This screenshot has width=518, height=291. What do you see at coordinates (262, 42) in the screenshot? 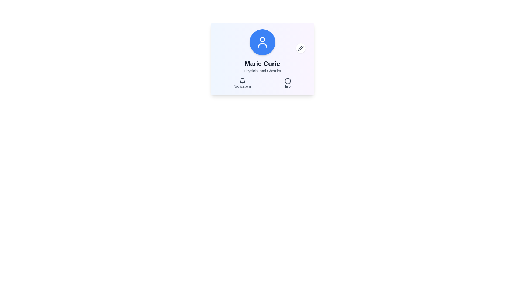
I see `the Avatar Icon, which serves as a profile picture placeholder representing a user's identity in the interface` at bounding box center [262, 42].